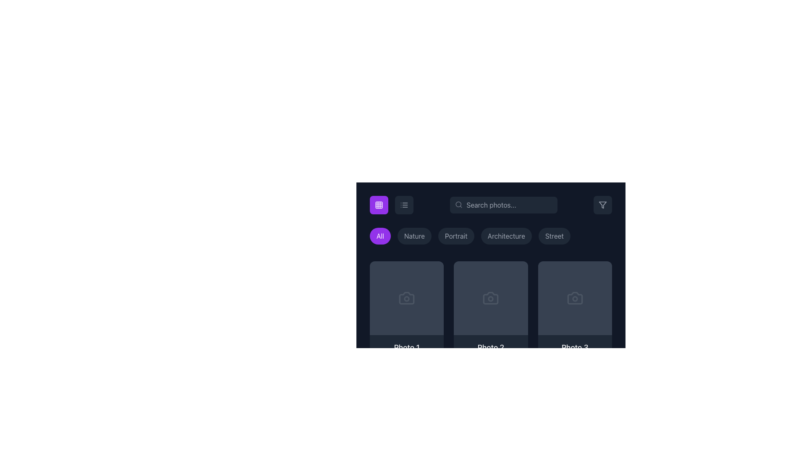  Describe the element at coordinates (574, 298) in the screenshot. I see `the third button in a horizontal row of three buttons in the third section of the photo gallery interface` at that location.